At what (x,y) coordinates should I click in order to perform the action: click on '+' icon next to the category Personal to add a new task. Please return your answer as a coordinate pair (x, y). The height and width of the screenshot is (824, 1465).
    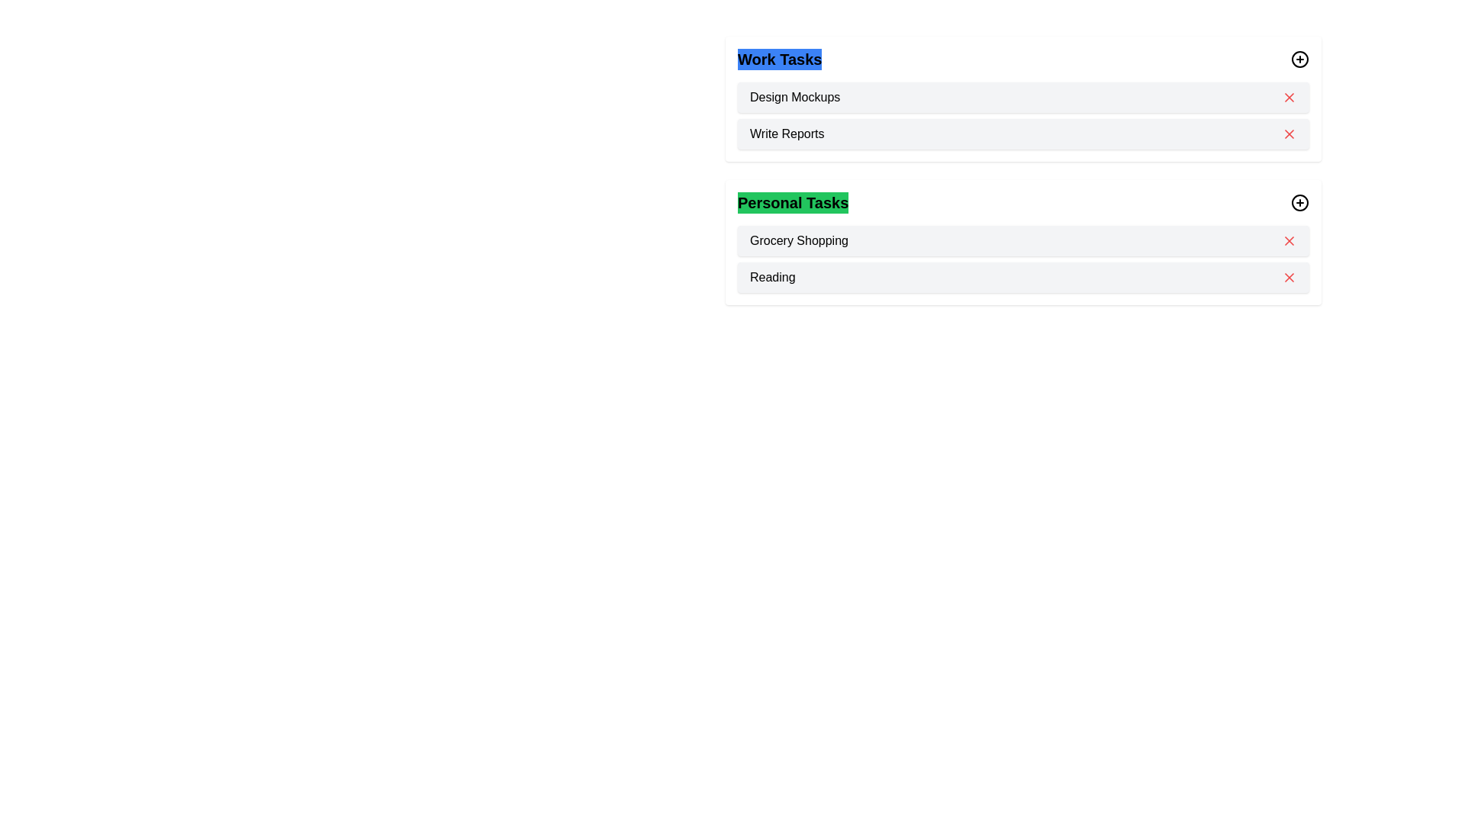
    Looking at the image, I should click on (1299, 202).